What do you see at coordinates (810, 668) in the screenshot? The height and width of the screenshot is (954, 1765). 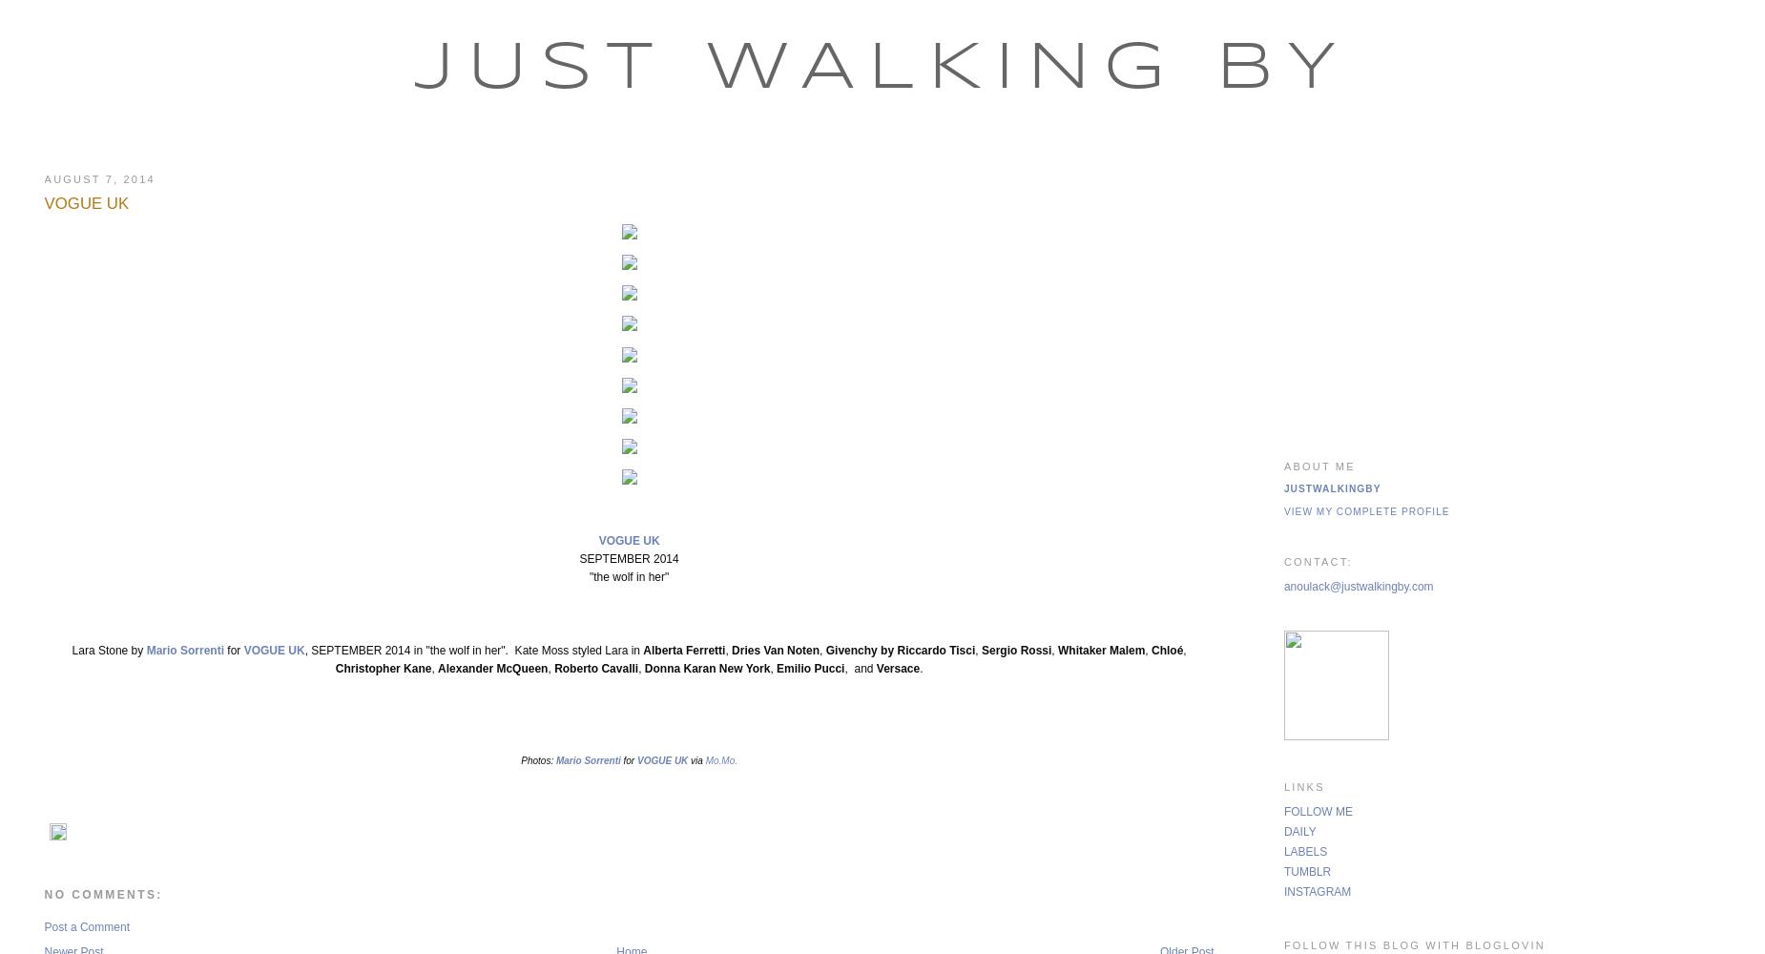 I see `'Emilio Pucci'` at bounding box center [810, 668].